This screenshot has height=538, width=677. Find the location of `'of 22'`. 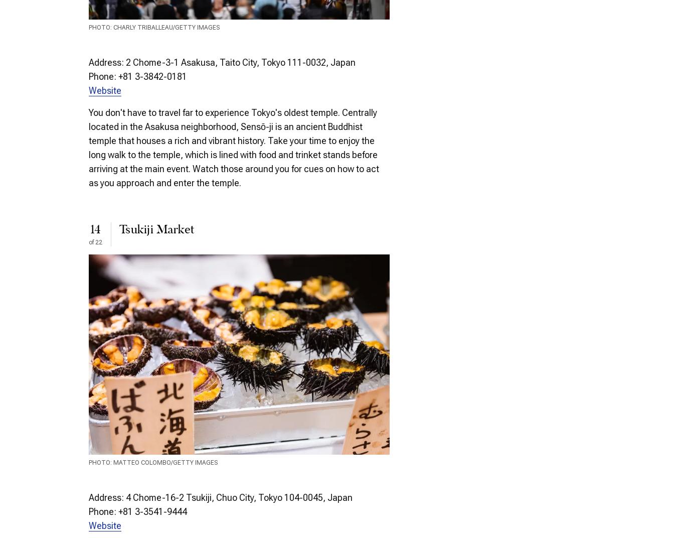

'of 22' is located at coordinates (95, 241).